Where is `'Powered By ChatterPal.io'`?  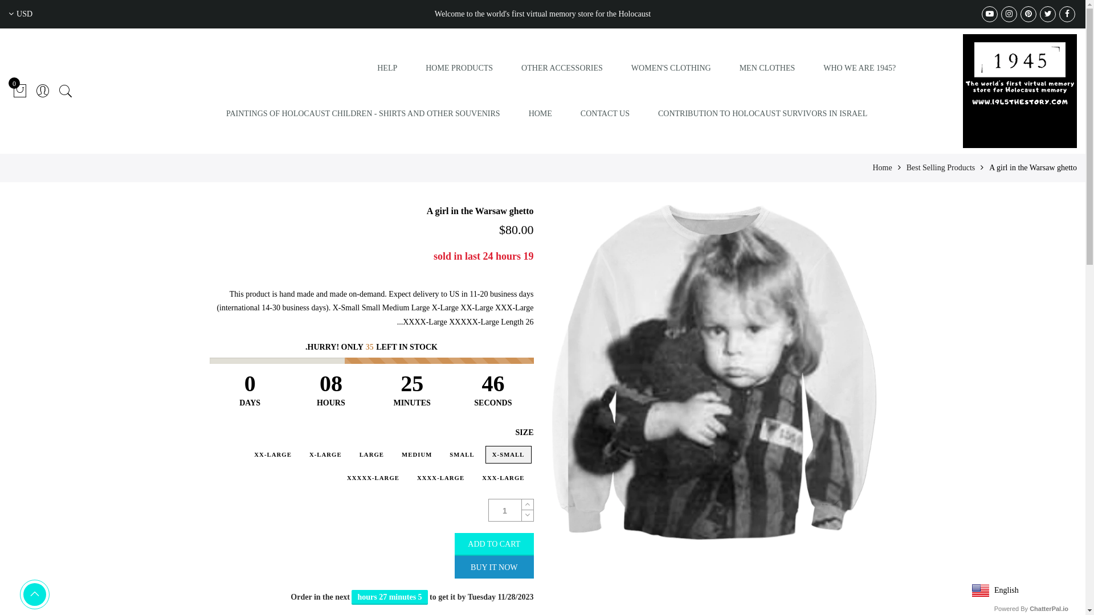
'Powered By ChatterPal.io' is located at coordinates (1031, 608).